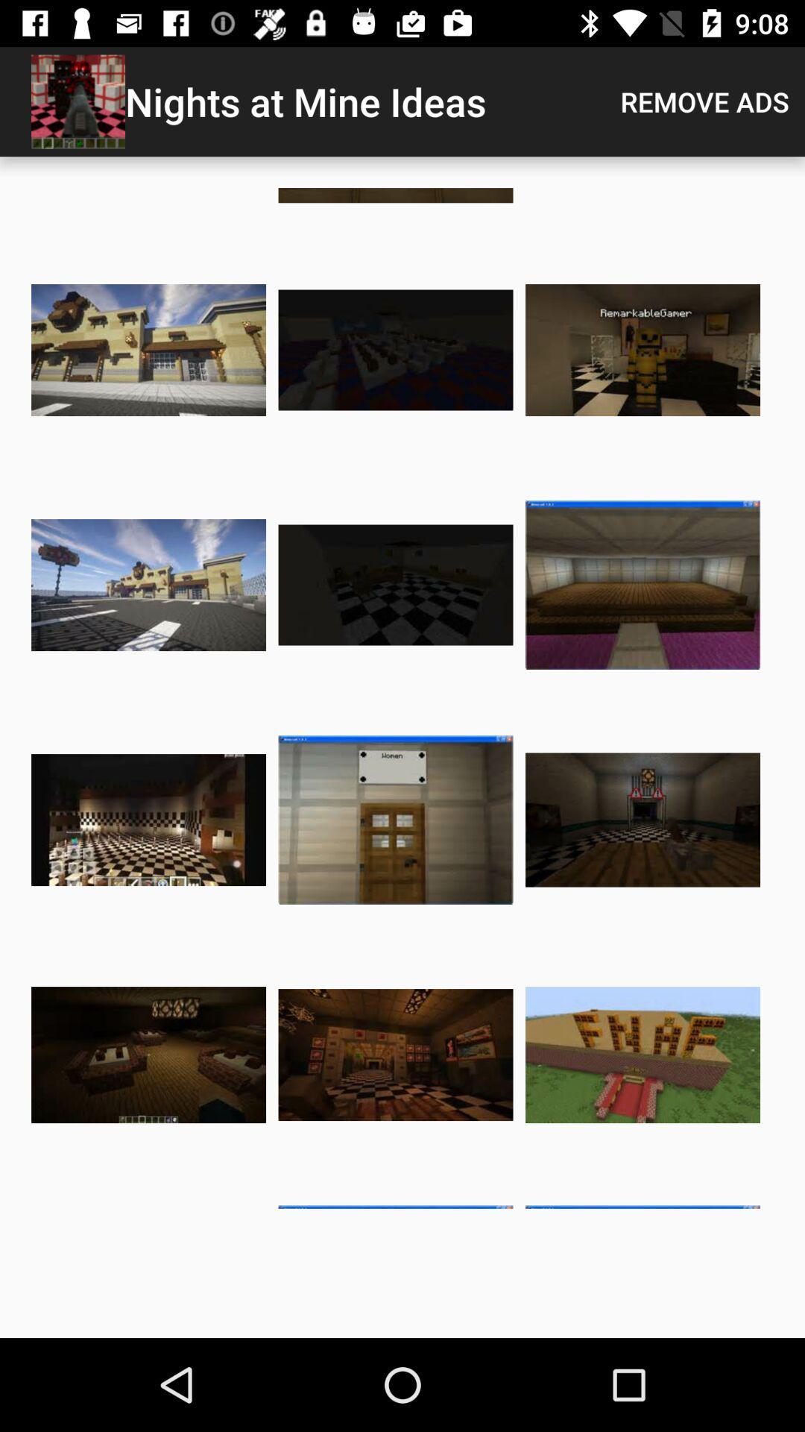 The image size is (805, 1432). I want to click on the remove ads, so click(704, 101).